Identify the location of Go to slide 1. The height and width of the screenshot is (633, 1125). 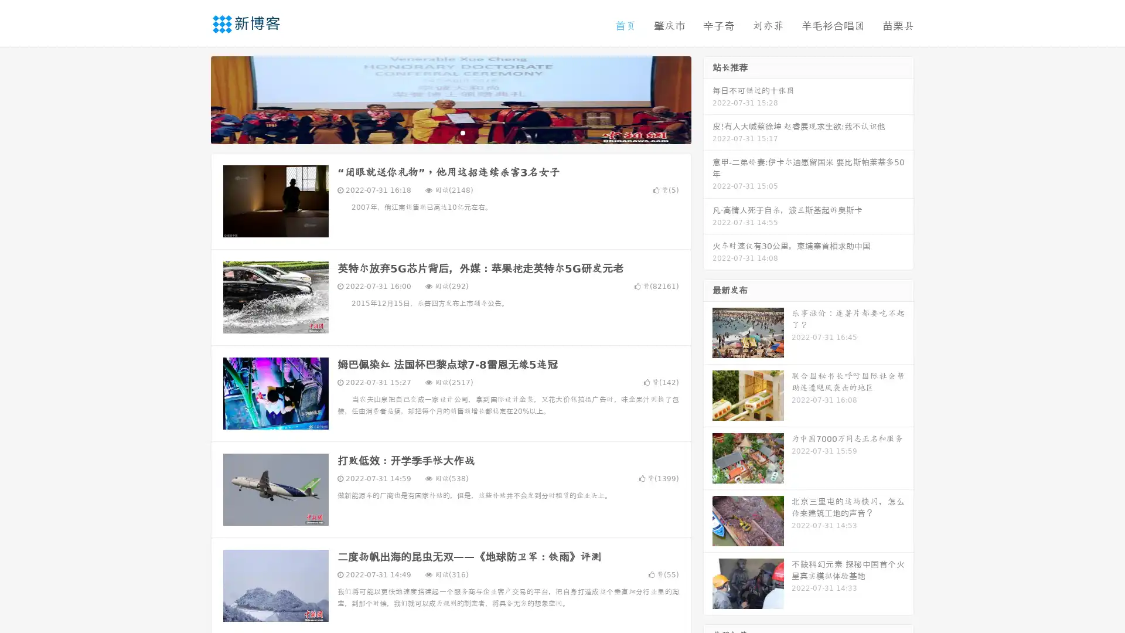
(438, 132).